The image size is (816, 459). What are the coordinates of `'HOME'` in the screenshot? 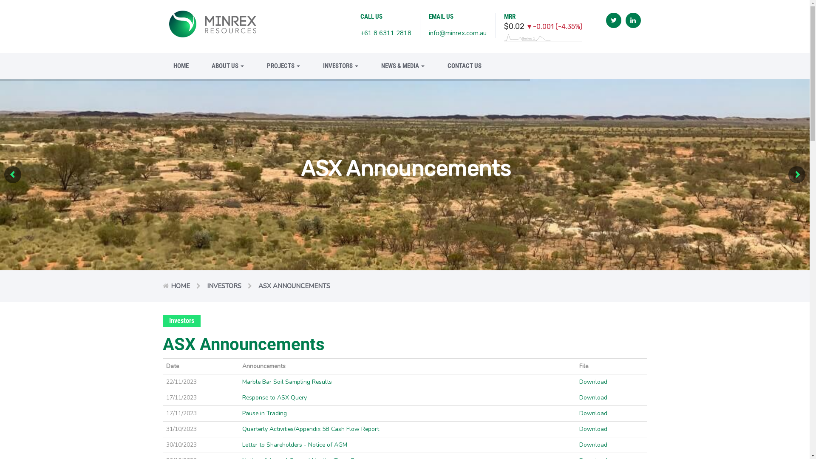 It's located at (180, 286).